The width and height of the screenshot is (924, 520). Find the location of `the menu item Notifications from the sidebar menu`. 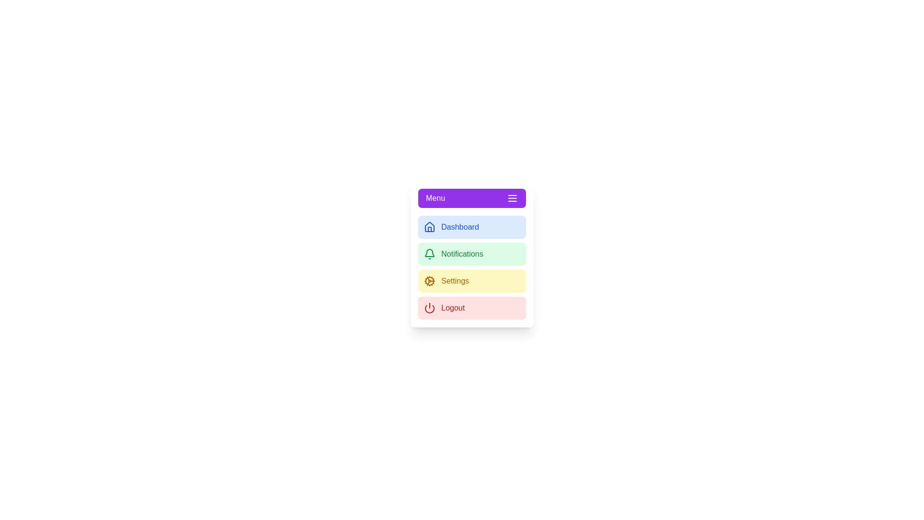

the menu item Notifications from the sidebar menu is located at coordinates (472, 254).